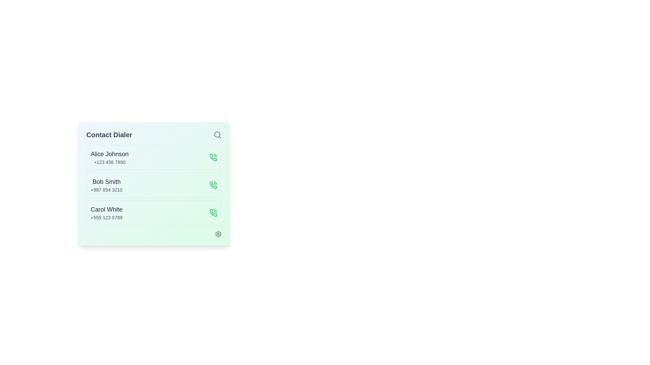  What do you see at coordinates (213, 185) in the screenshot?
I see `the green phone icon located adjacent to Bob Smith's contact information to initiate a call` at bounding box center [213, 185].